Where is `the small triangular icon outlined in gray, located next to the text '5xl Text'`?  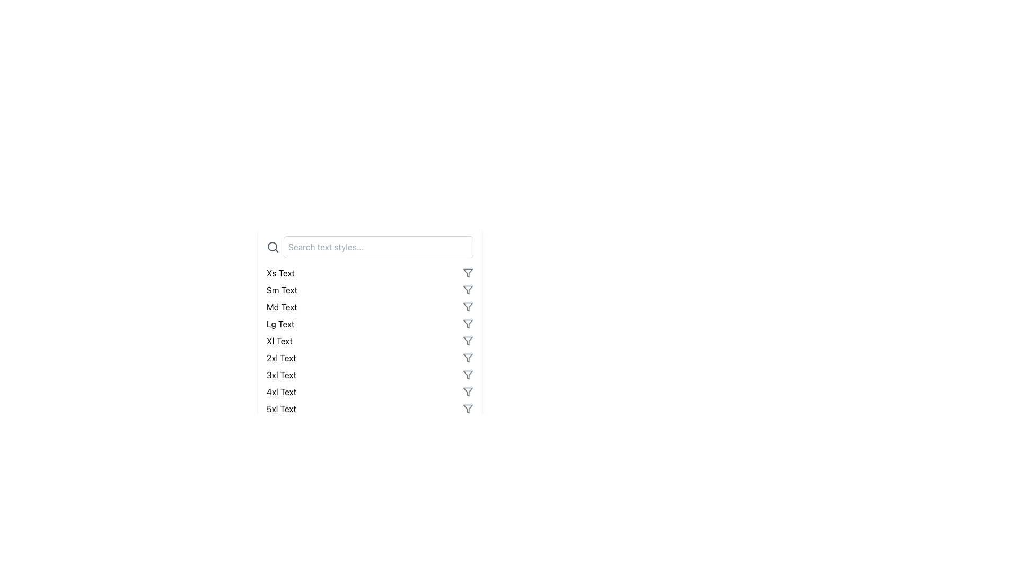
the small triangular icon outlined in gray, located next to the text '5xl Text' is located at coordinates (468, 409).